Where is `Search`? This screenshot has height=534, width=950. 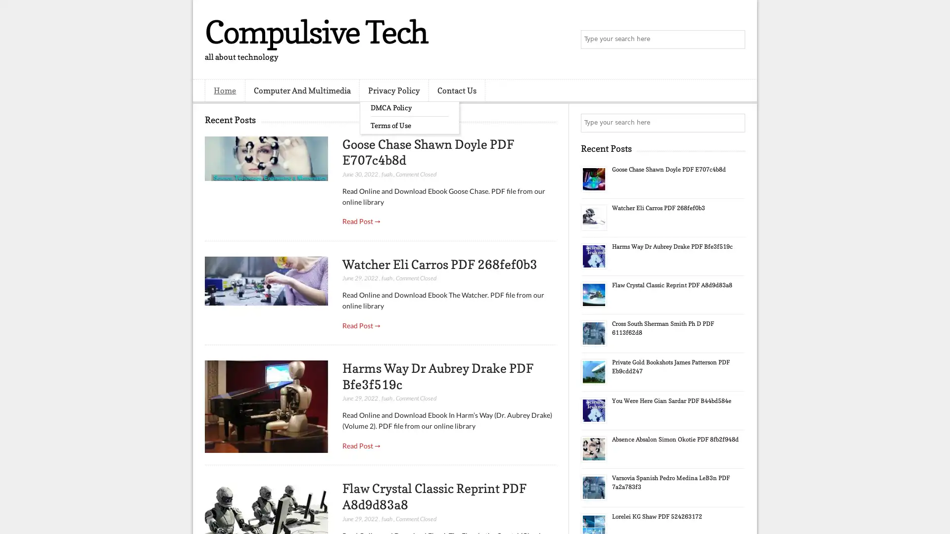
Search is located at coordinates (735, 123).